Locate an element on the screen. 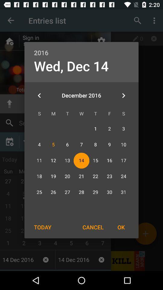  icon below 2016 item is located at coordinates (71, 66).